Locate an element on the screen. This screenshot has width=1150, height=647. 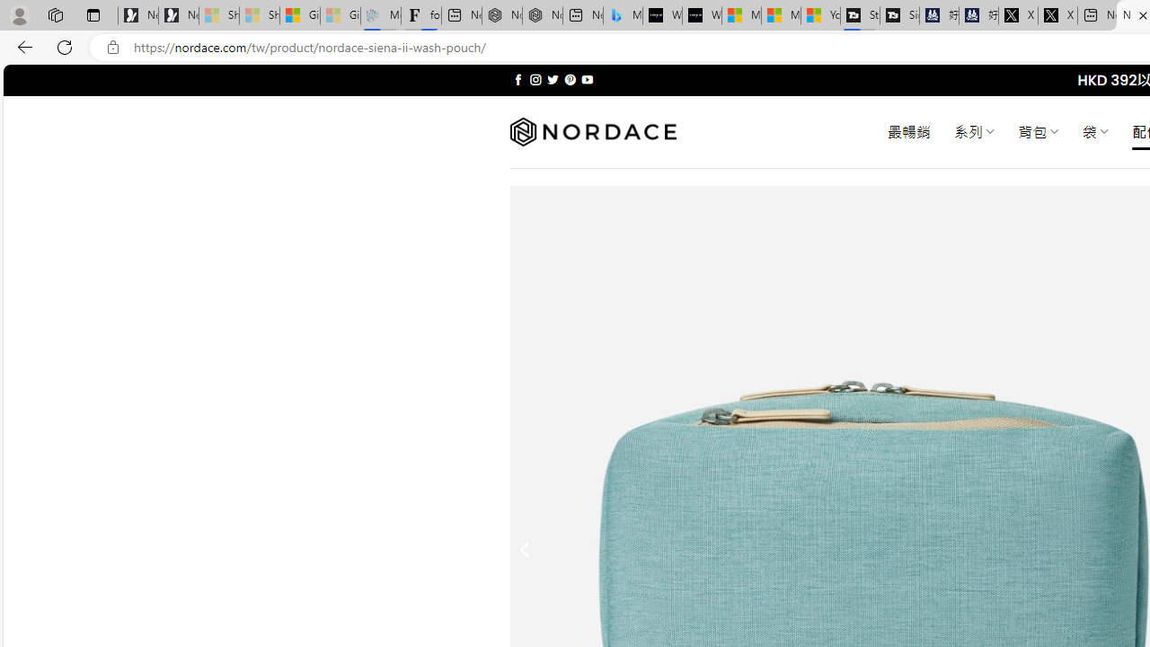
'Back' is located at coordinates (22, 46).